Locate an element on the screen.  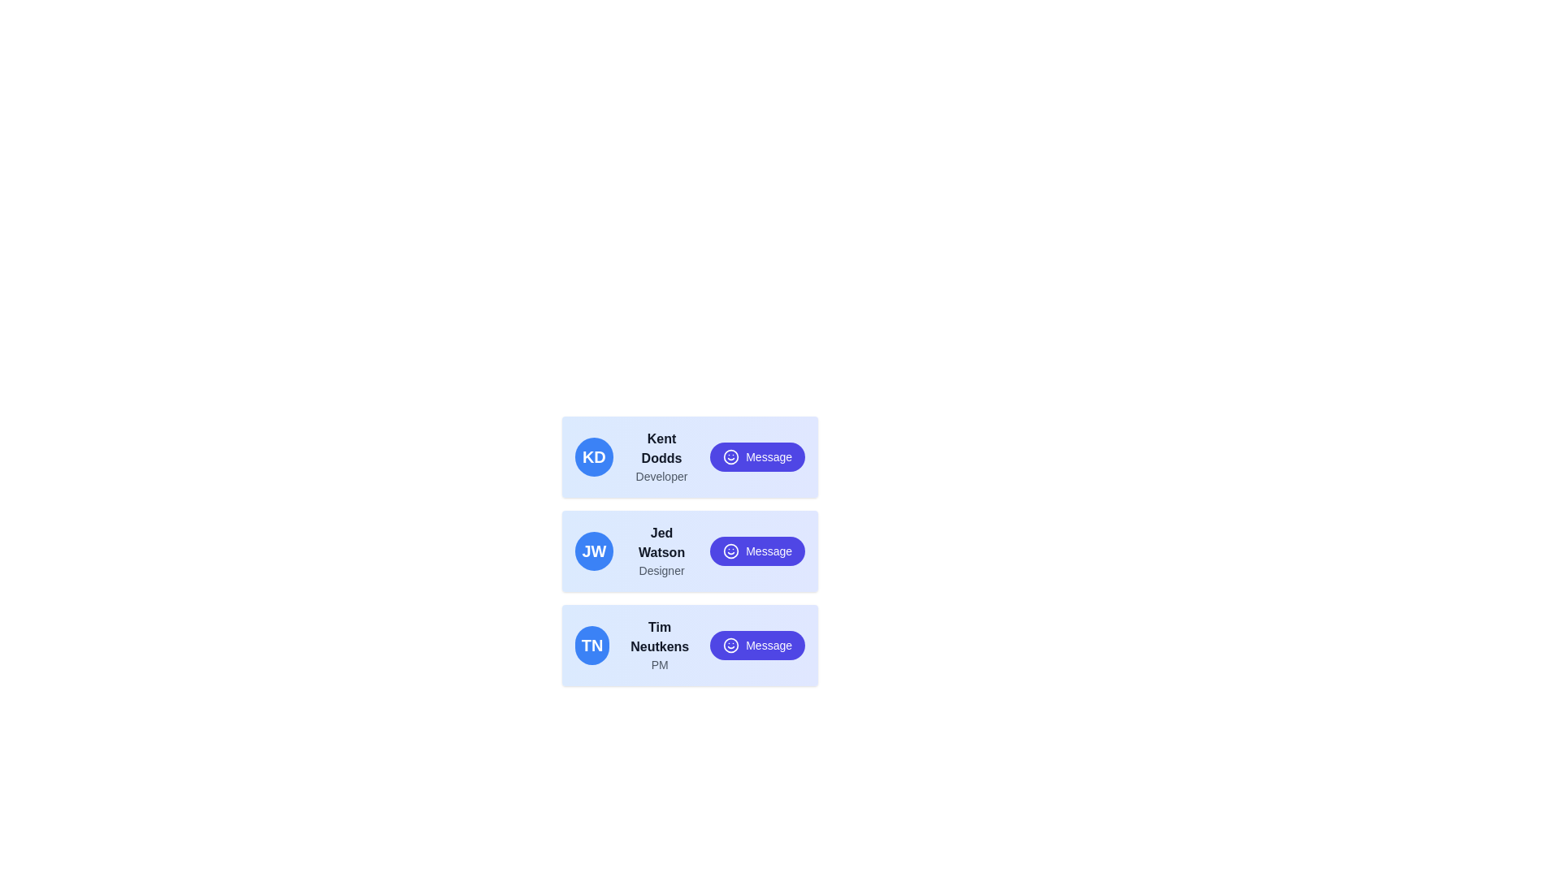
the messaging button located in the upper right area of the second card representing 'Jed Watson', which includes an avatar labeled 'JW', to initiate the messaging action is located at coordinates (756, 550).